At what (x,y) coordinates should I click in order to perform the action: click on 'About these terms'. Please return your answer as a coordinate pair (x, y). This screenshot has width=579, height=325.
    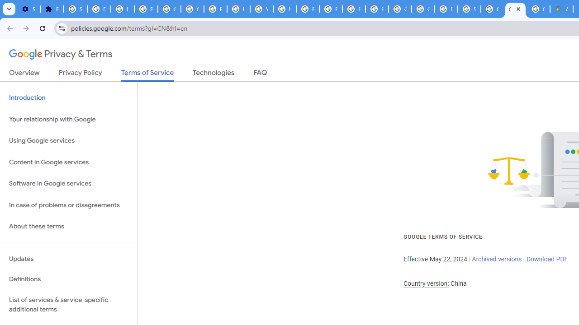
    Looking at the image, I should click on (68, 226).